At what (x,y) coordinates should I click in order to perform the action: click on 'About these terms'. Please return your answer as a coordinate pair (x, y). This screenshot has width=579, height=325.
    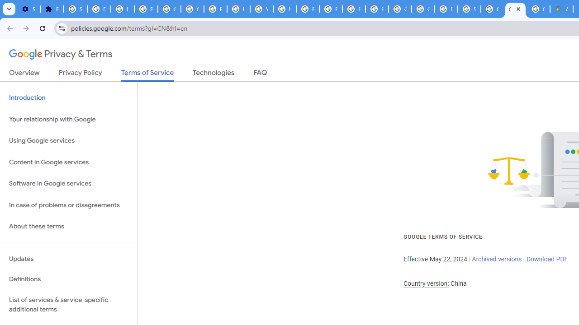
    Looking at the image, I should click on (68, 226).